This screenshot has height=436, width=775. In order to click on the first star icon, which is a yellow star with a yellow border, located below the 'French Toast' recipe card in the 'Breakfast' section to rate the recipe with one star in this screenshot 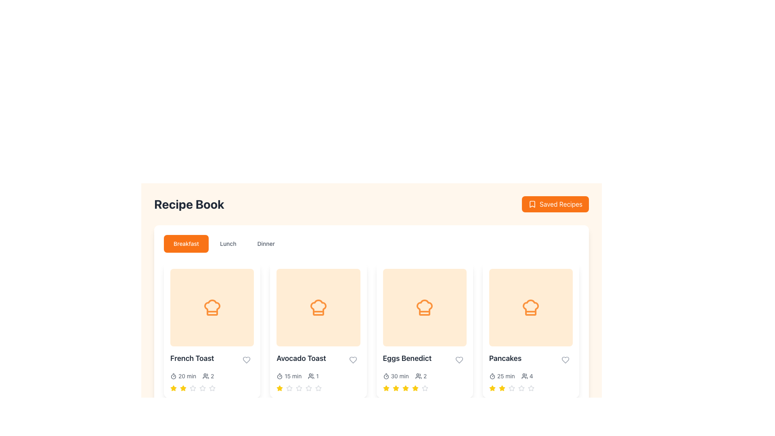, I will do `click(173, 388)`.